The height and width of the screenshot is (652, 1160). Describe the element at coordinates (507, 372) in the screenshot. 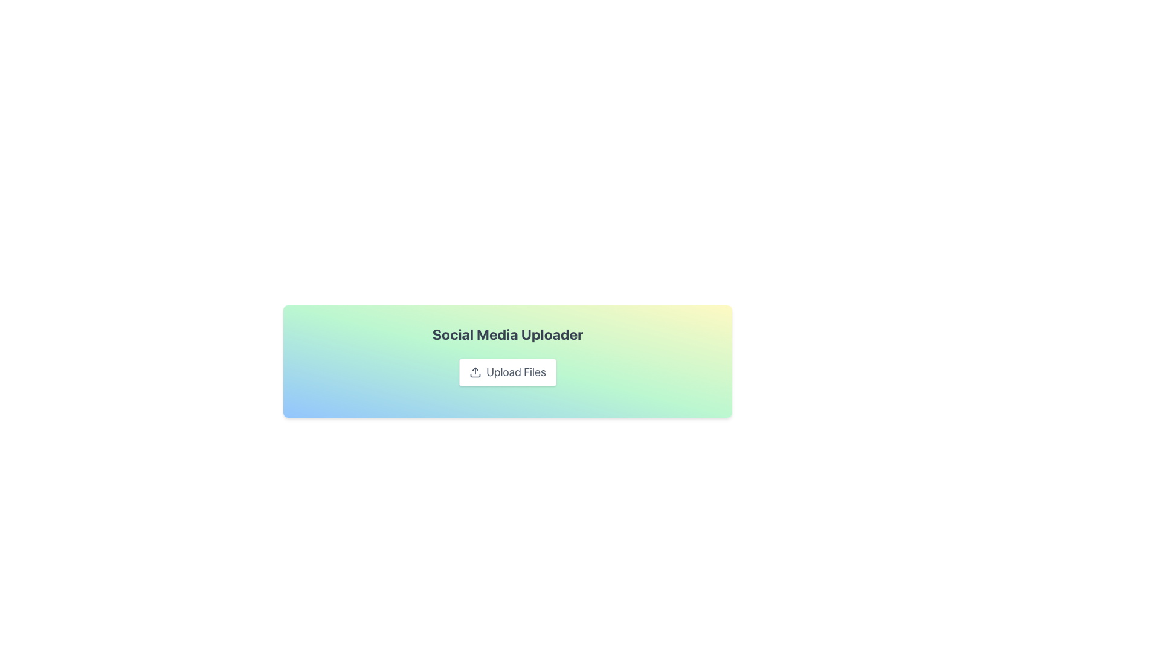

I see `the 'Upload Files' button, which features an upward arrow icon and is styled with a rounded shadowed white background` at that location.